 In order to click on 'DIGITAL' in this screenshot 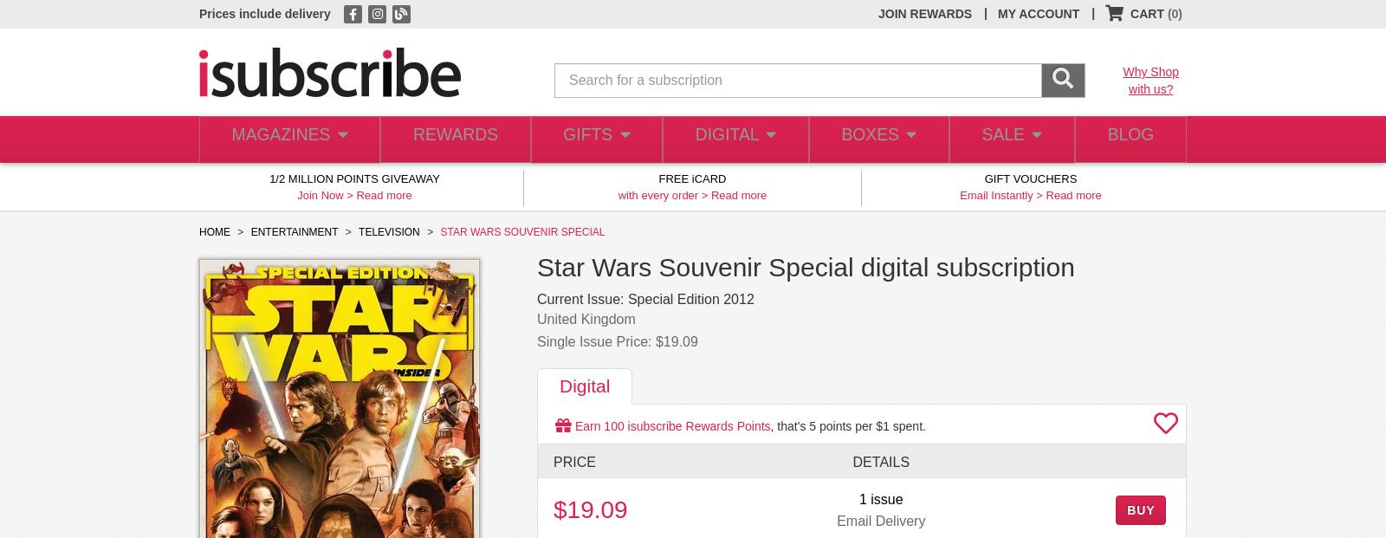, I will do `click(721, 139)`.